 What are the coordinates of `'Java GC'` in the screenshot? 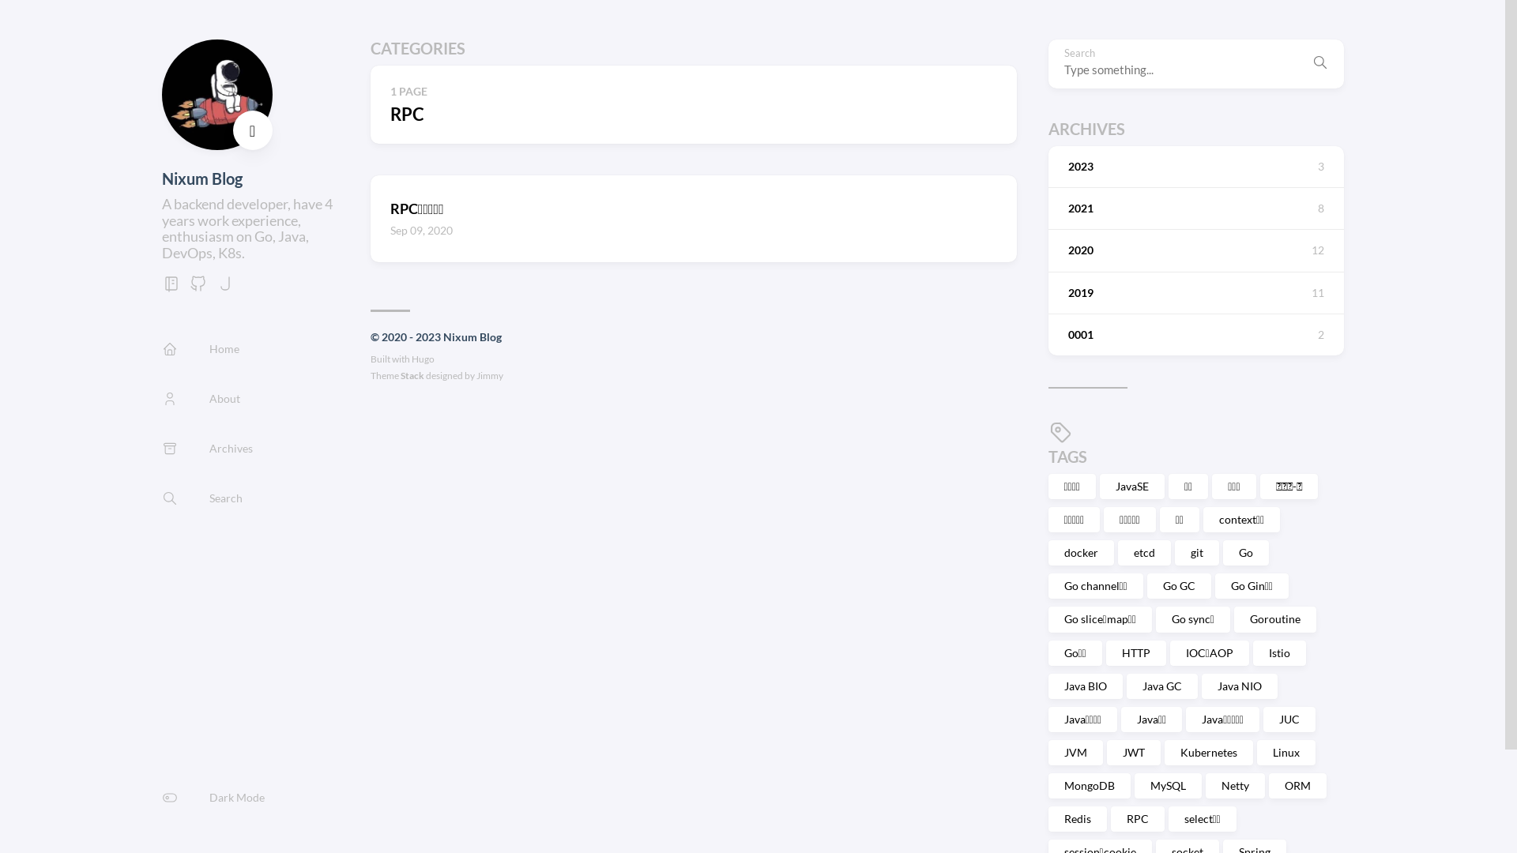 It's located at (1161, 685).